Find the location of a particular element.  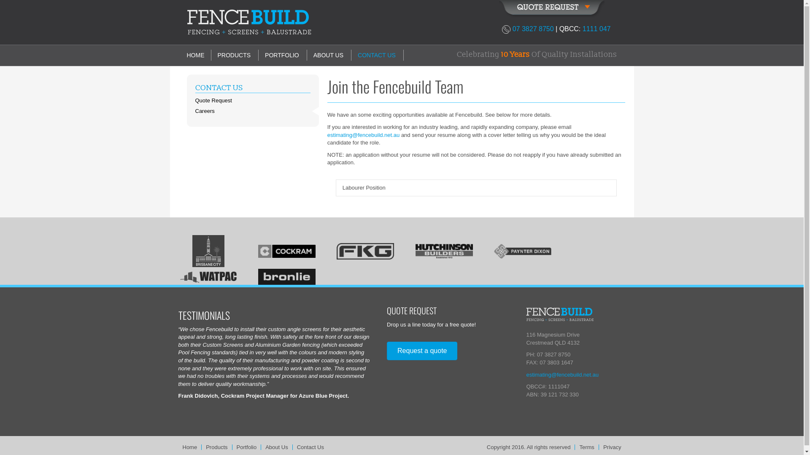

'ABOUT US' is located at coordinates (328, 55).